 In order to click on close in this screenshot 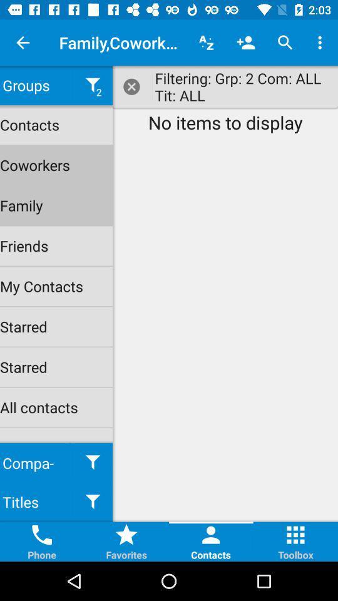, I will do `click(131, 86)`.